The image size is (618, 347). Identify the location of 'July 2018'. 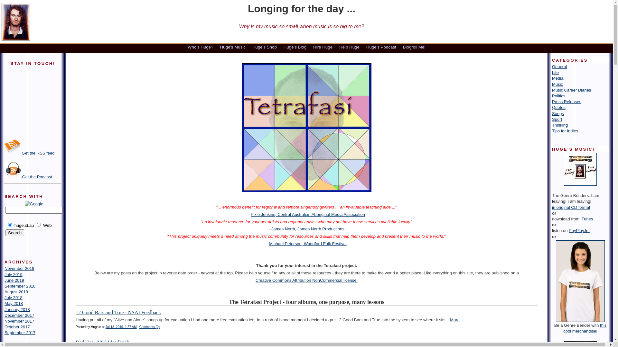
(14, 298).